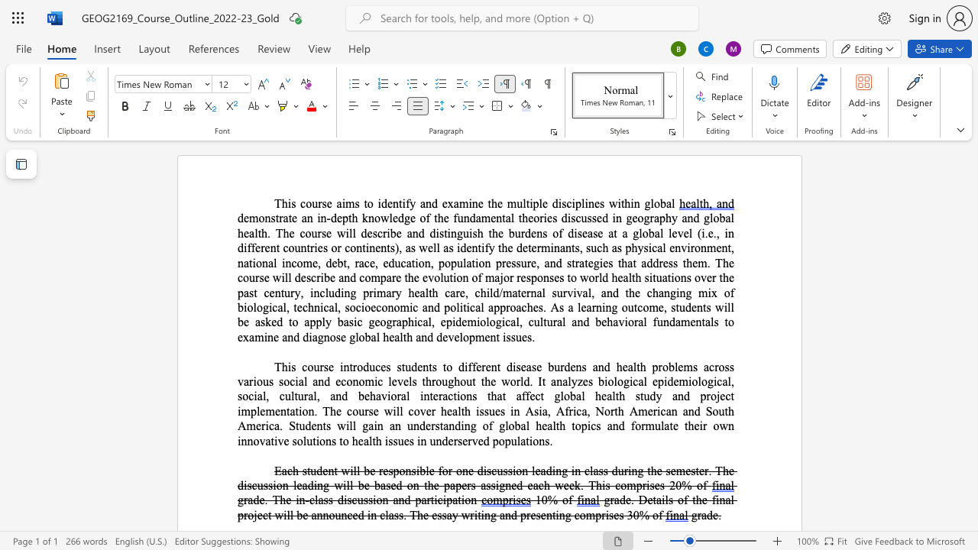 The image size is (978, 550). Describe the element at coordinates (379, 277) in the screenshot. I see `the space between the continuous character "m" and "p" in the text` at that location.